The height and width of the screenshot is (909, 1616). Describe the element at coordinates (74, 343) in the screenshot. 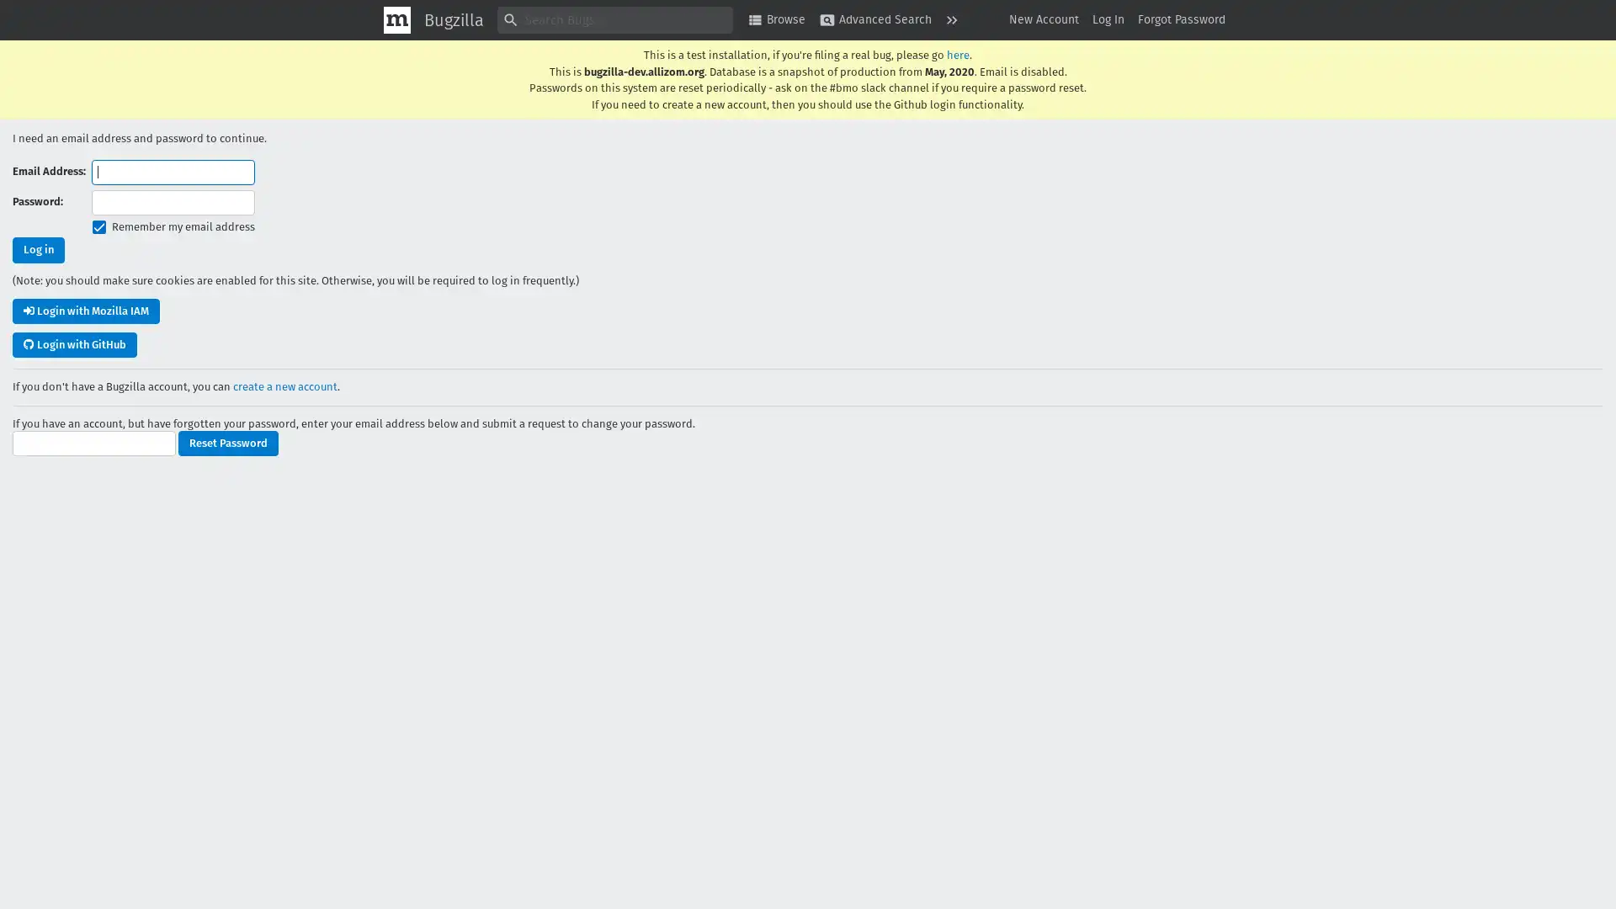

I see `Login with GitHub` at that location.